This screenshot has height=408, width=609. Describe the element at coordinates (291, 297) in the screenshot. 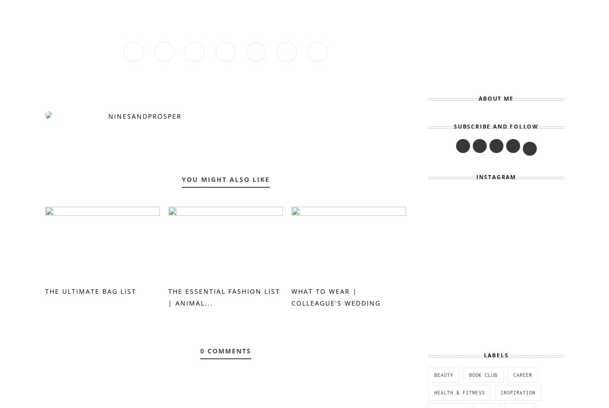

I see `'WHAT TO WEAR | Colleague's Wedding'` at that location.